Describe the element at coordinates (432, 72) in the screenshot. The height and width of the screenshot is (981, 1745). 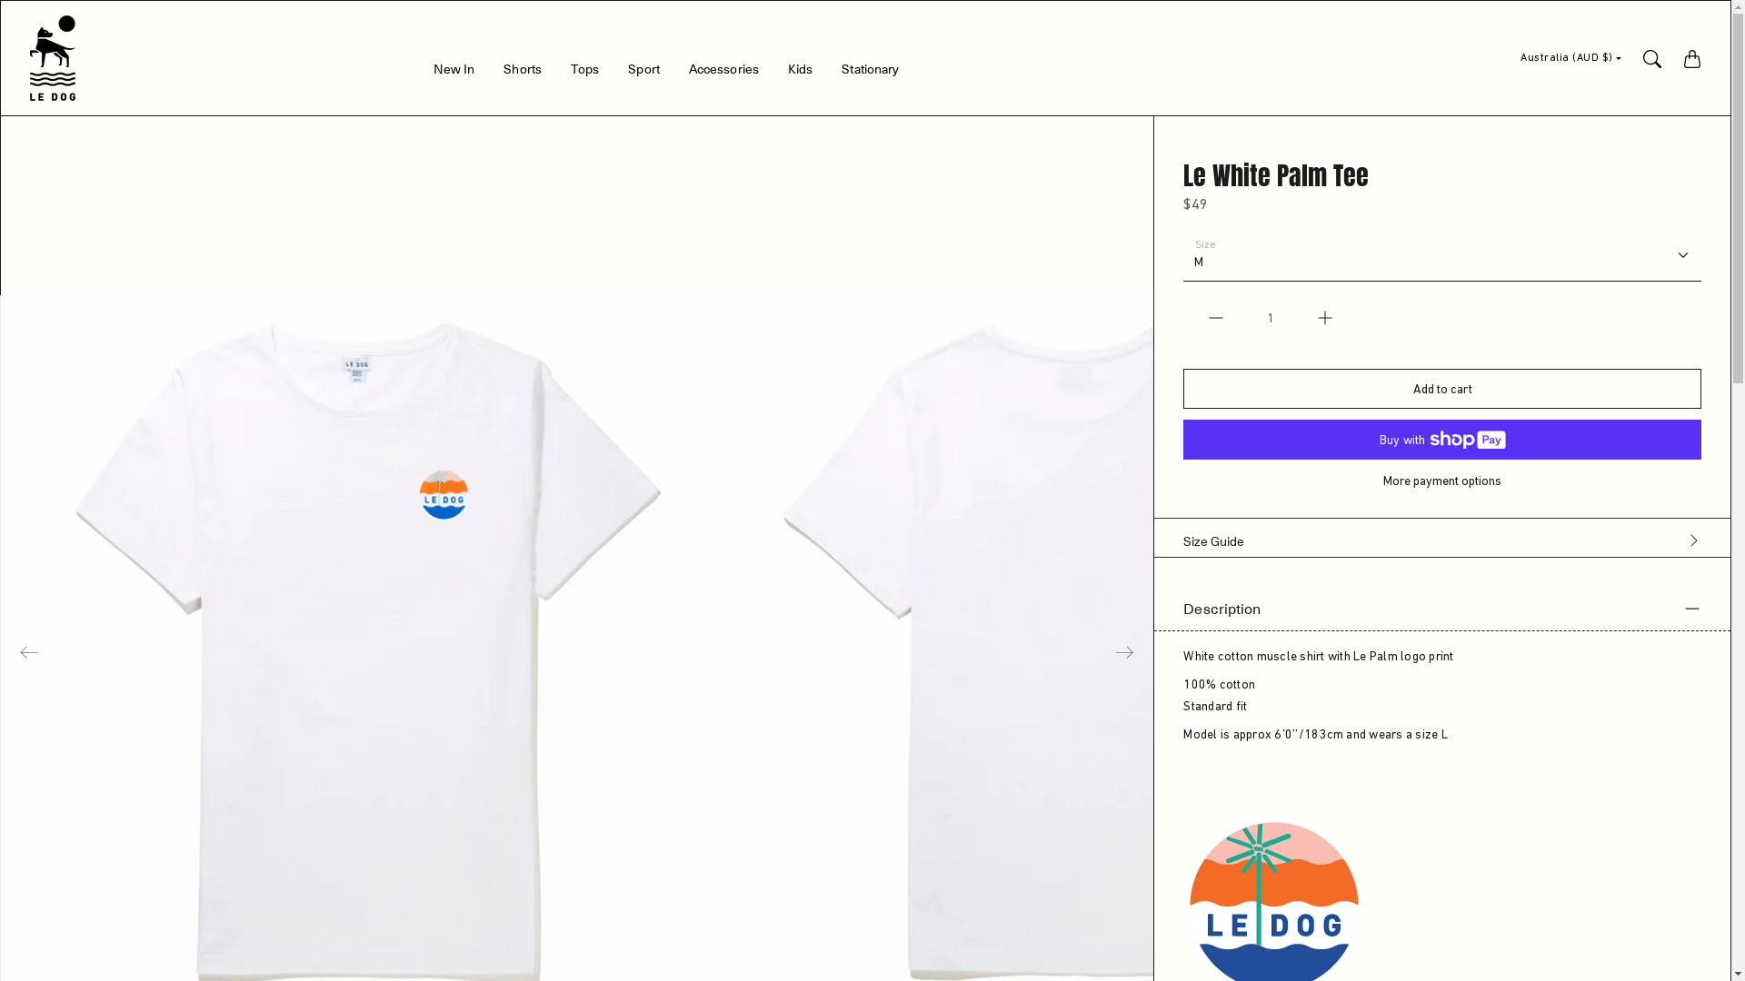
I see `'New In'` at that location.